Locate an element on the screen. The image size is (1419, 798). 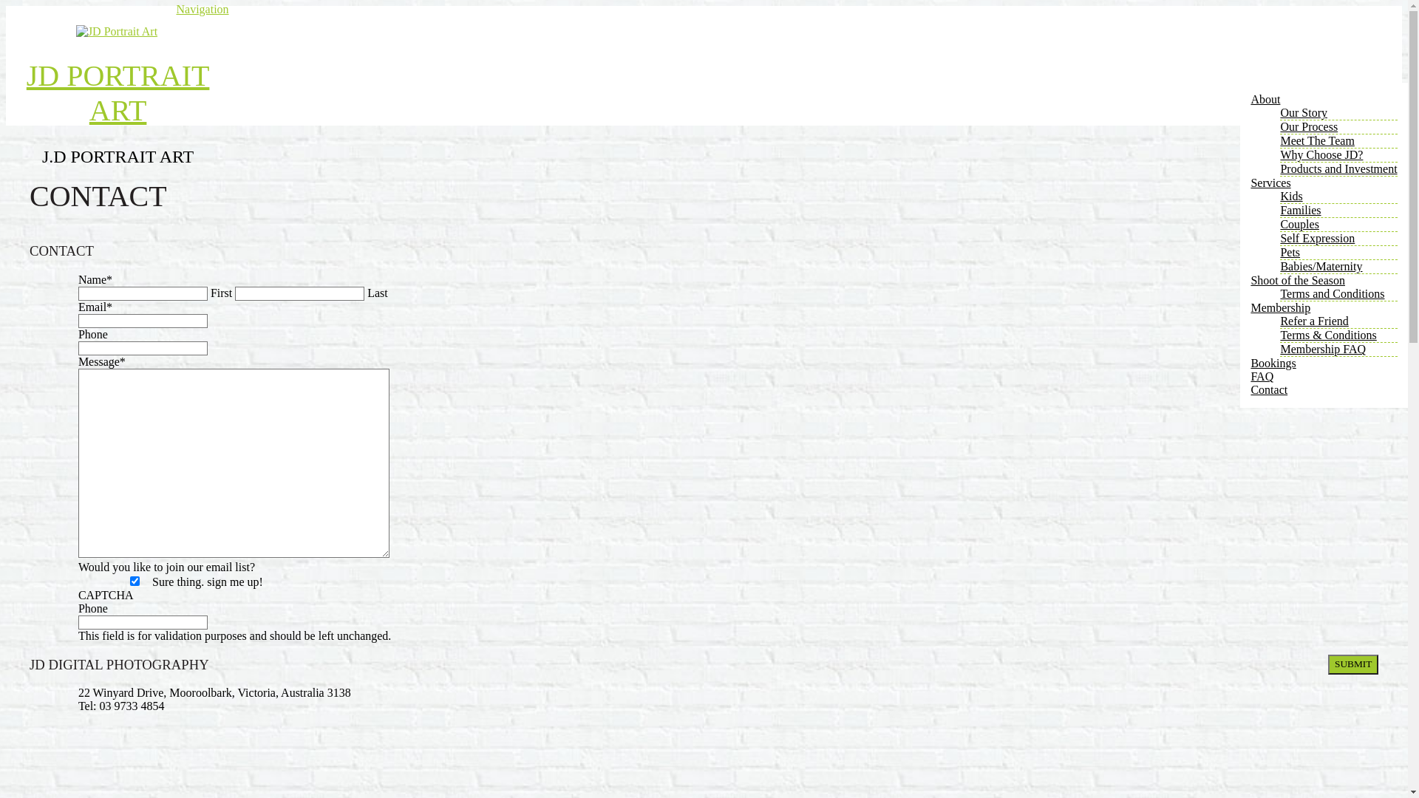
'Membership FAQ' is located at coordinates (1279, 349).